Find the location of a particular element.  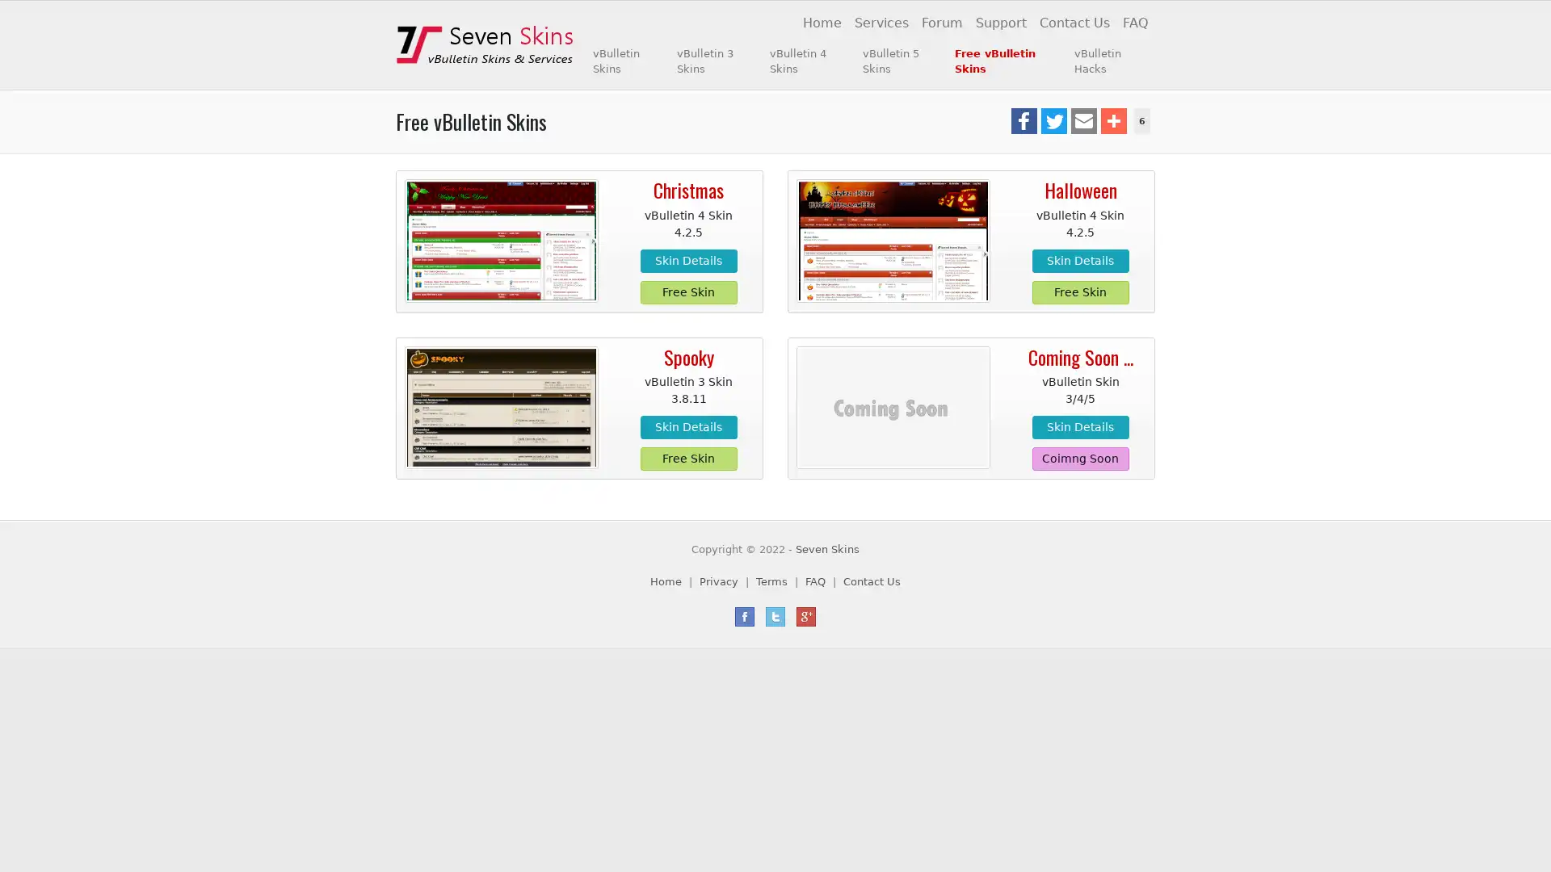

Free Skin is located at coordinates (1080, 291).